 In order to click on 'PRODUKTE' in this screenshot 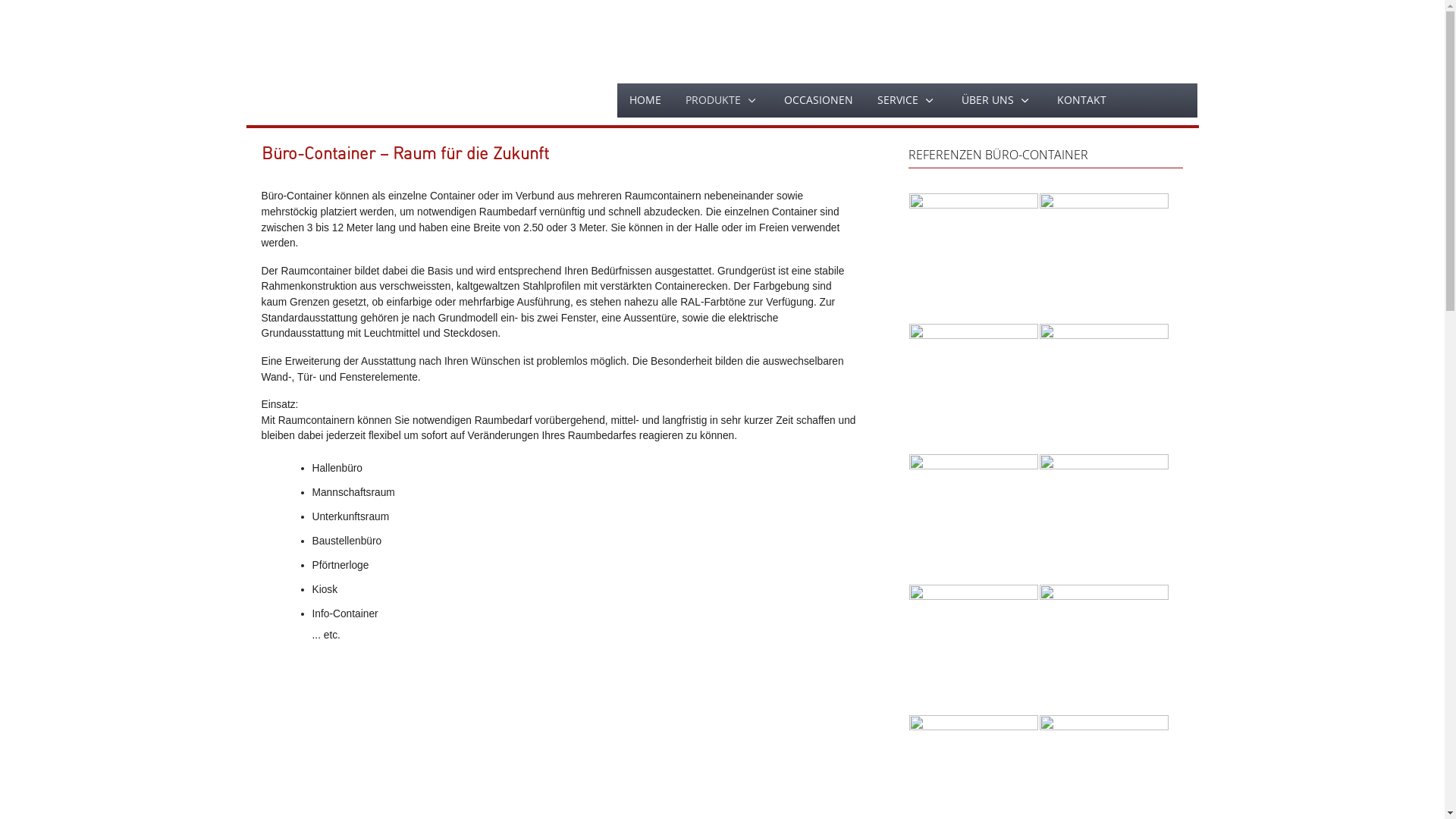, I will do `click(722, 100)`.